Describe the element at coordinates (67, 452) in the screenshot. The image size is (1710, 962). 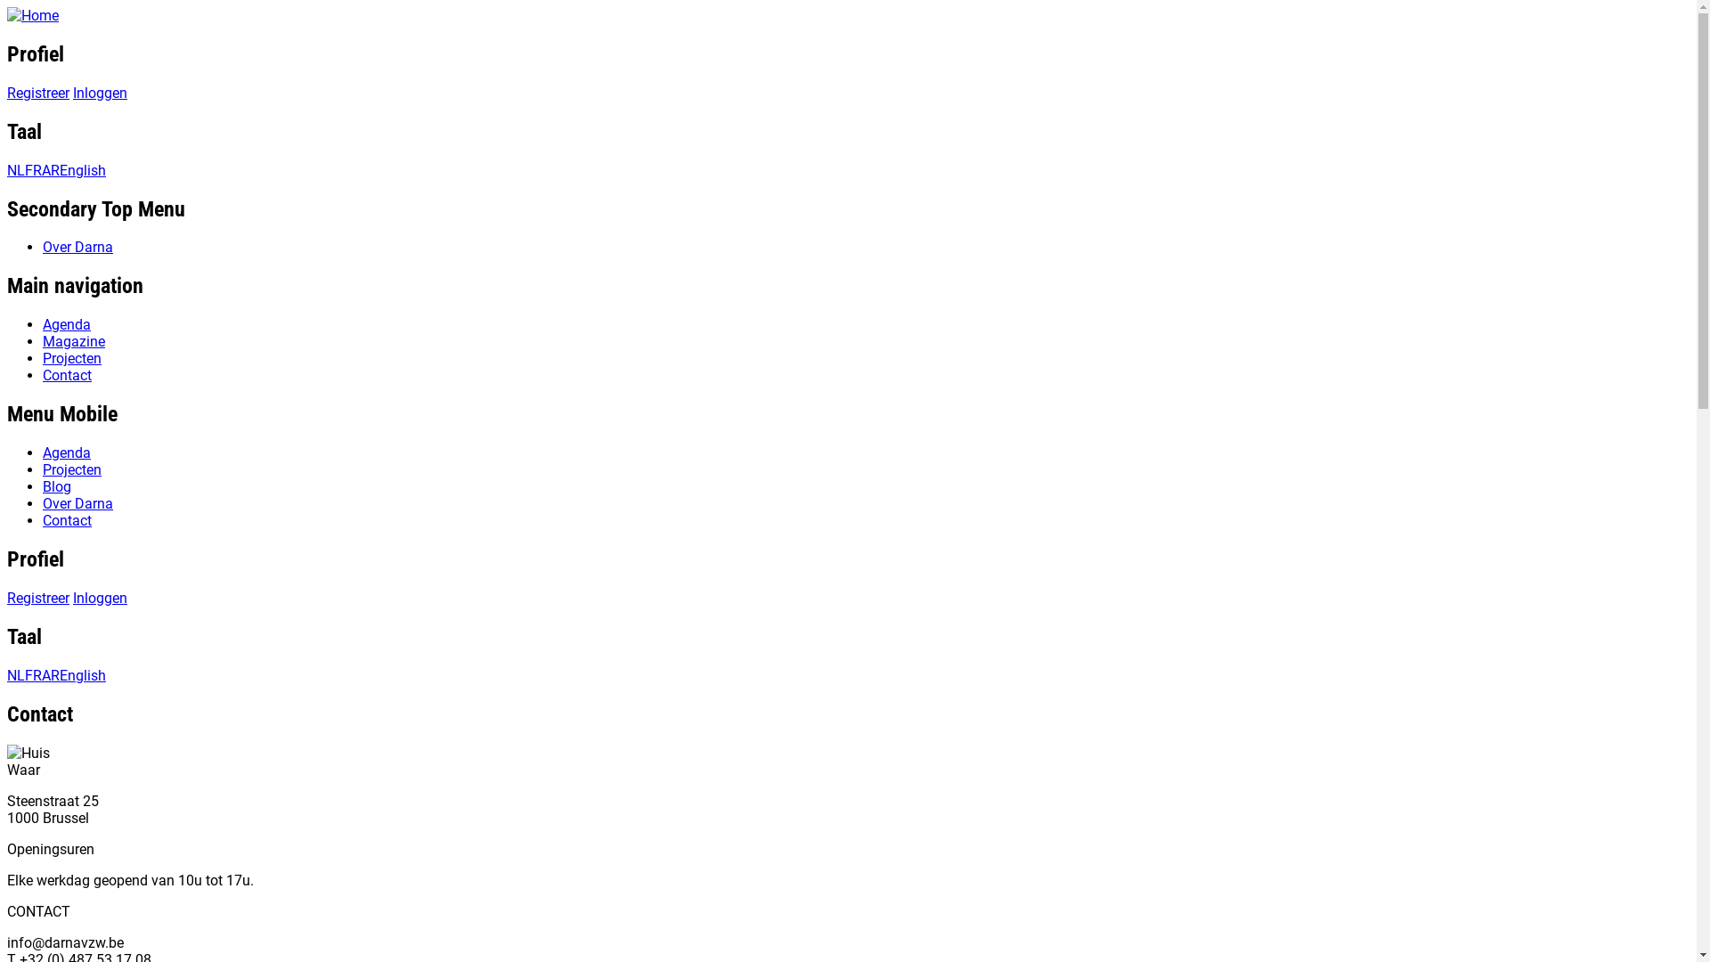
I see `'Agenda'` at that location.